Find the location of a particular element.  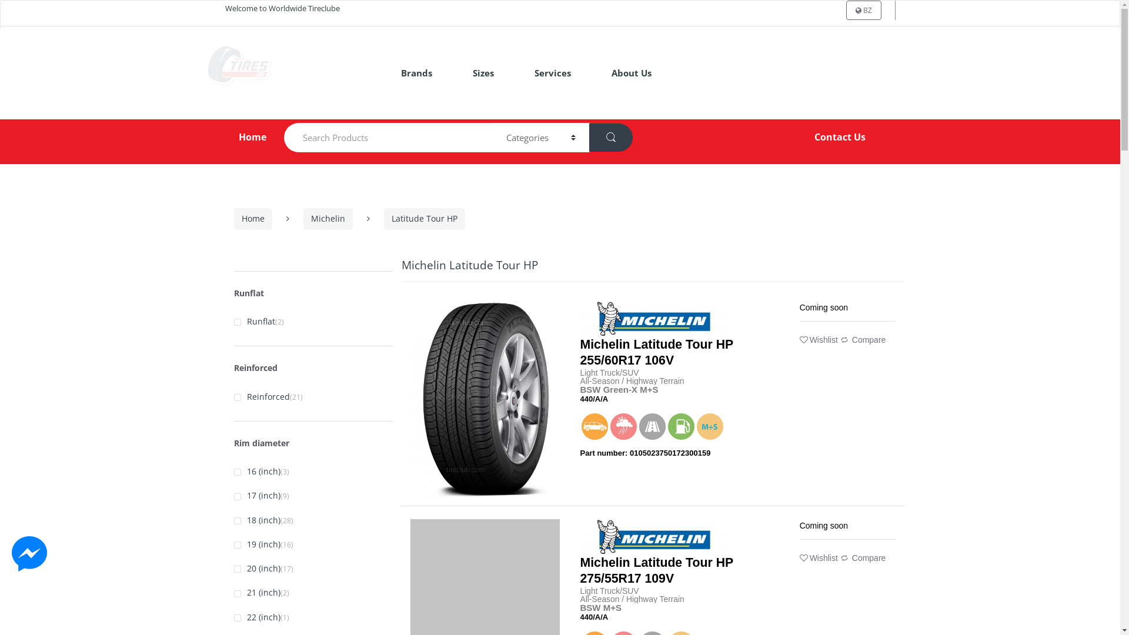

'About Us' is located at coordinates (603, 72).